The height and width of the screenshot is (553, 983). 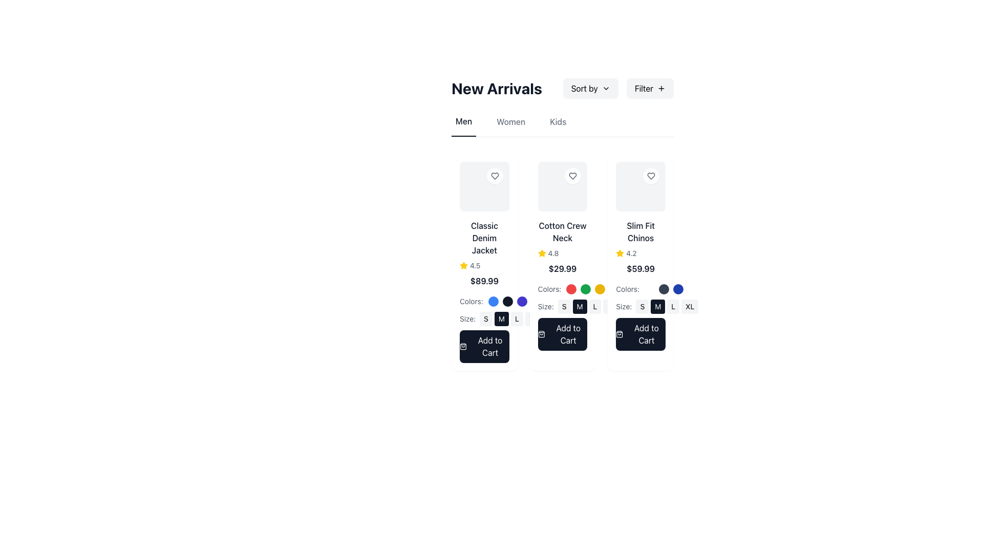 What do you see at coordinates (507, 301) in the screenshot?
I see `the second color option button for the 'Classic Denim Jacket' in the 'Men' category to observe potential hover effects` at bounding box center [507, 301].